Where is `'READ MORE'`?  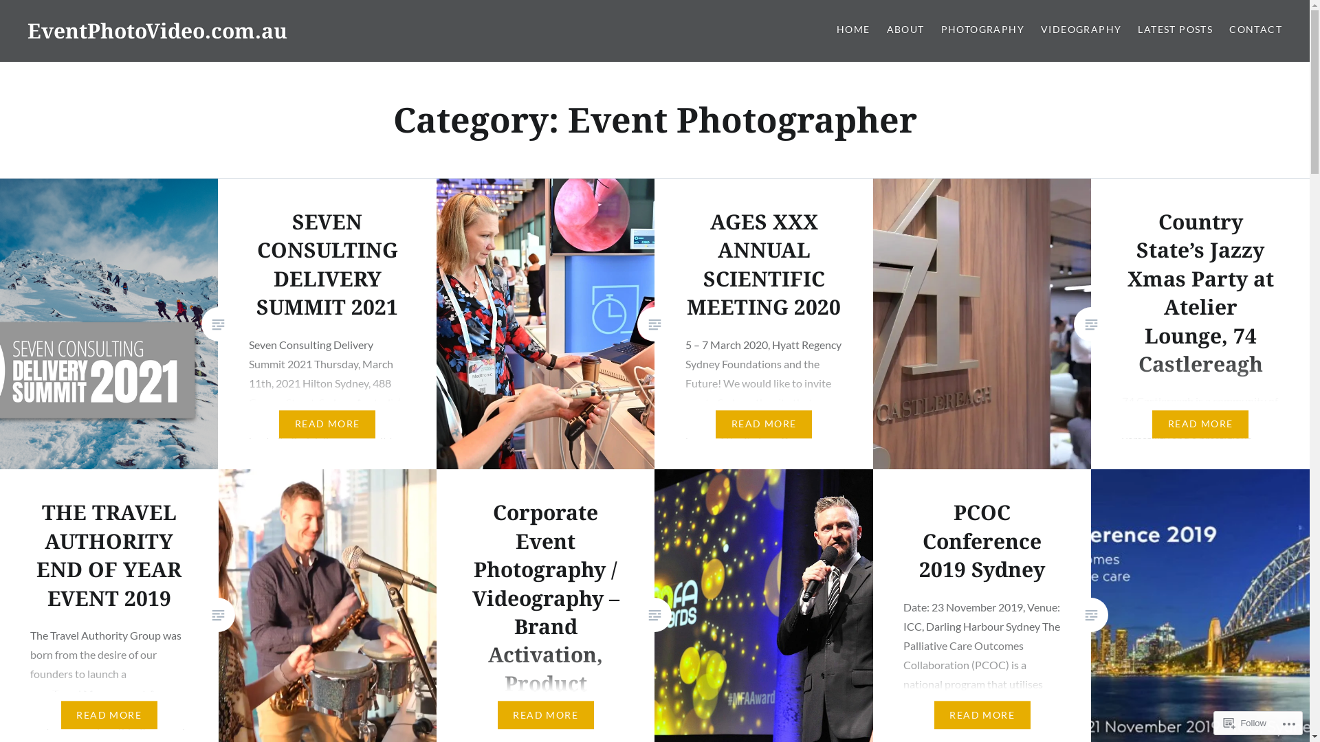
'READ MORE' is located at coordinates (715, 423).